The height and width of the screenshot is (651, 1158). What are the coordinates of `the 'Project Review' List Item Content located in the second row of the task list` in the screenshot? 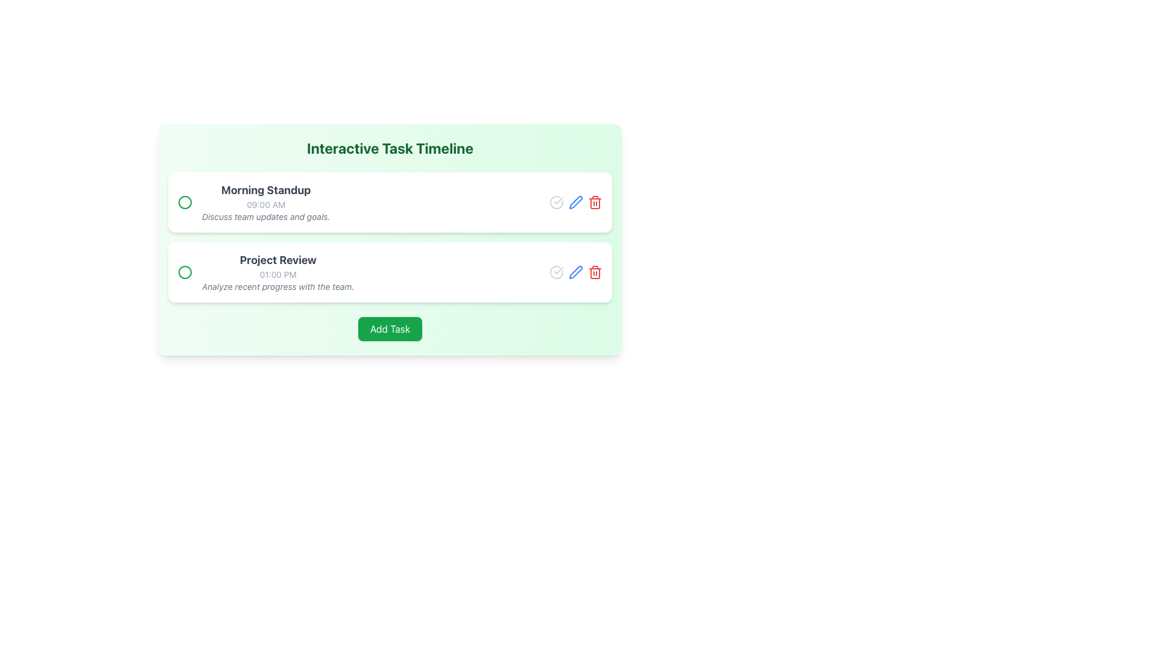 It's located at (277, 272).